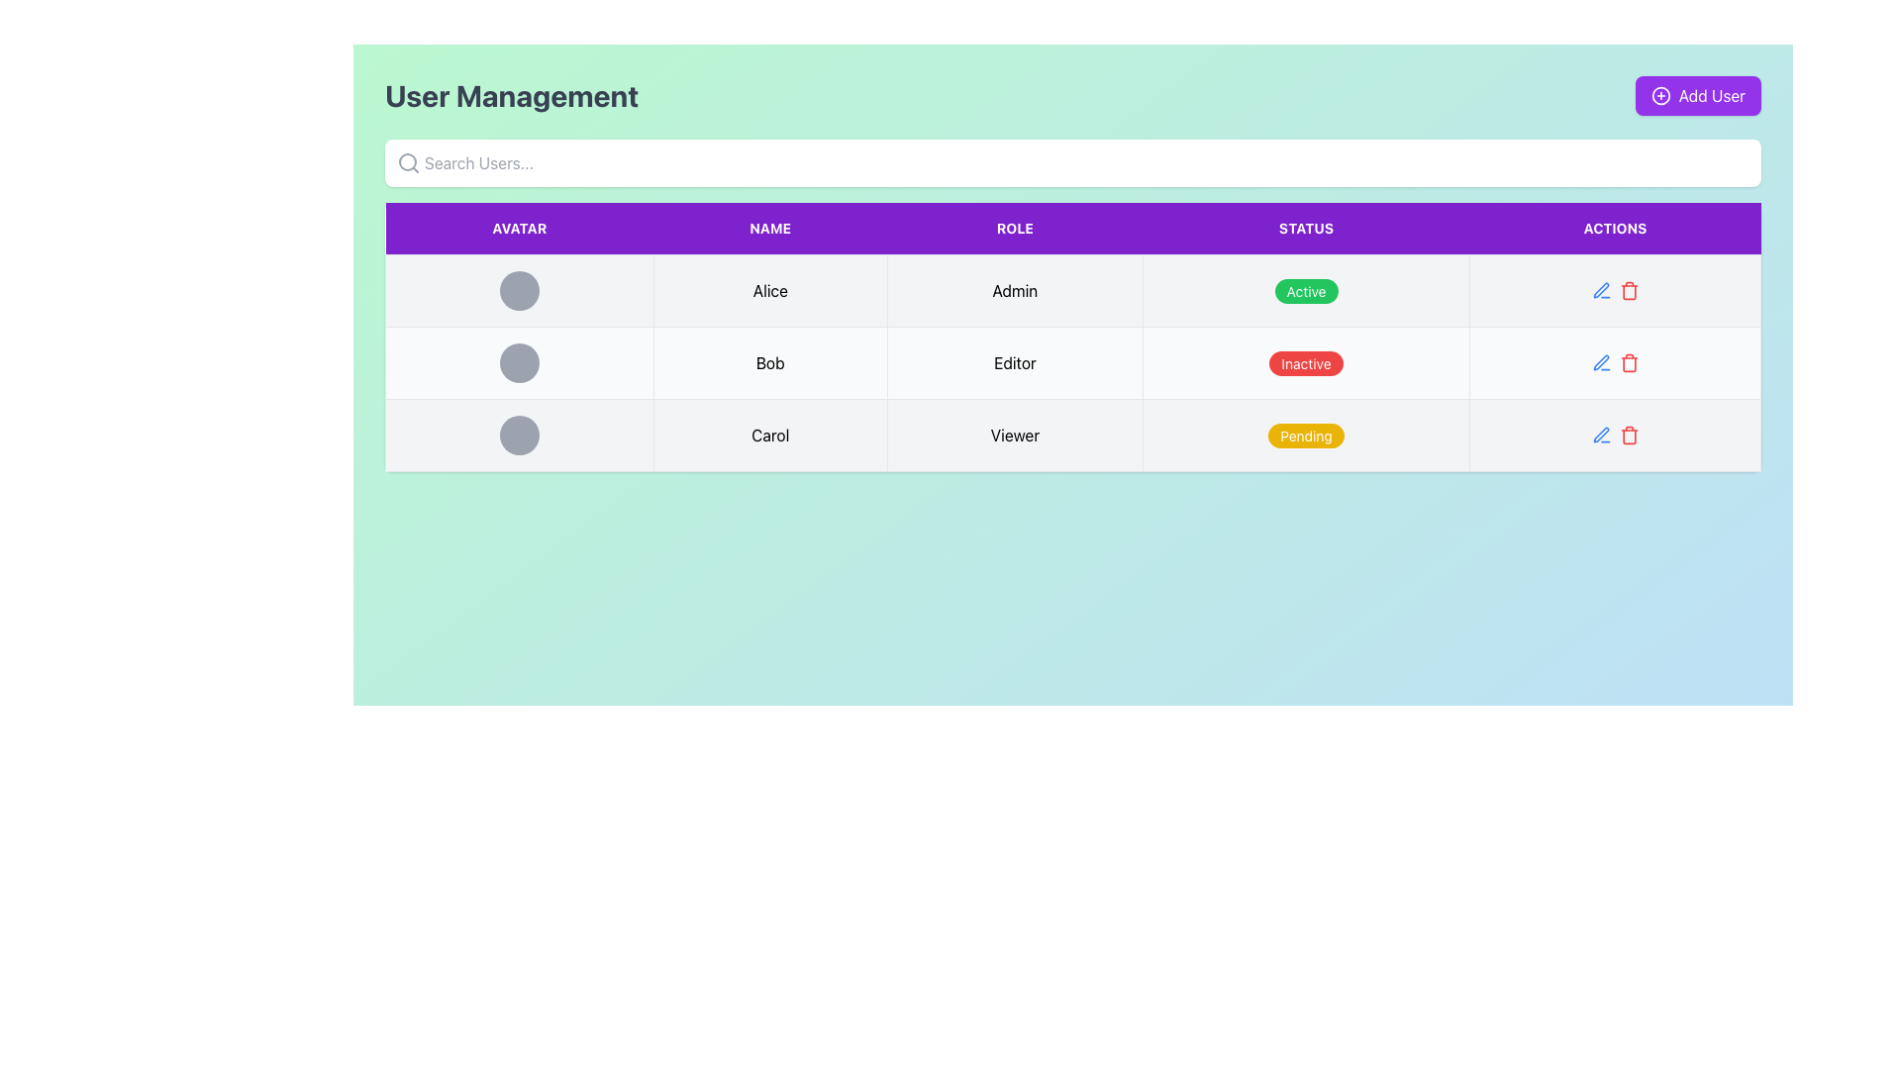 The image size is (1901, 1069). Describe the element at coordinates (1629, 362) in the screenshot. I see `the red trash can icon located in the 'Actions' column of the row labeled 'Bob' in the user management table` at that location.